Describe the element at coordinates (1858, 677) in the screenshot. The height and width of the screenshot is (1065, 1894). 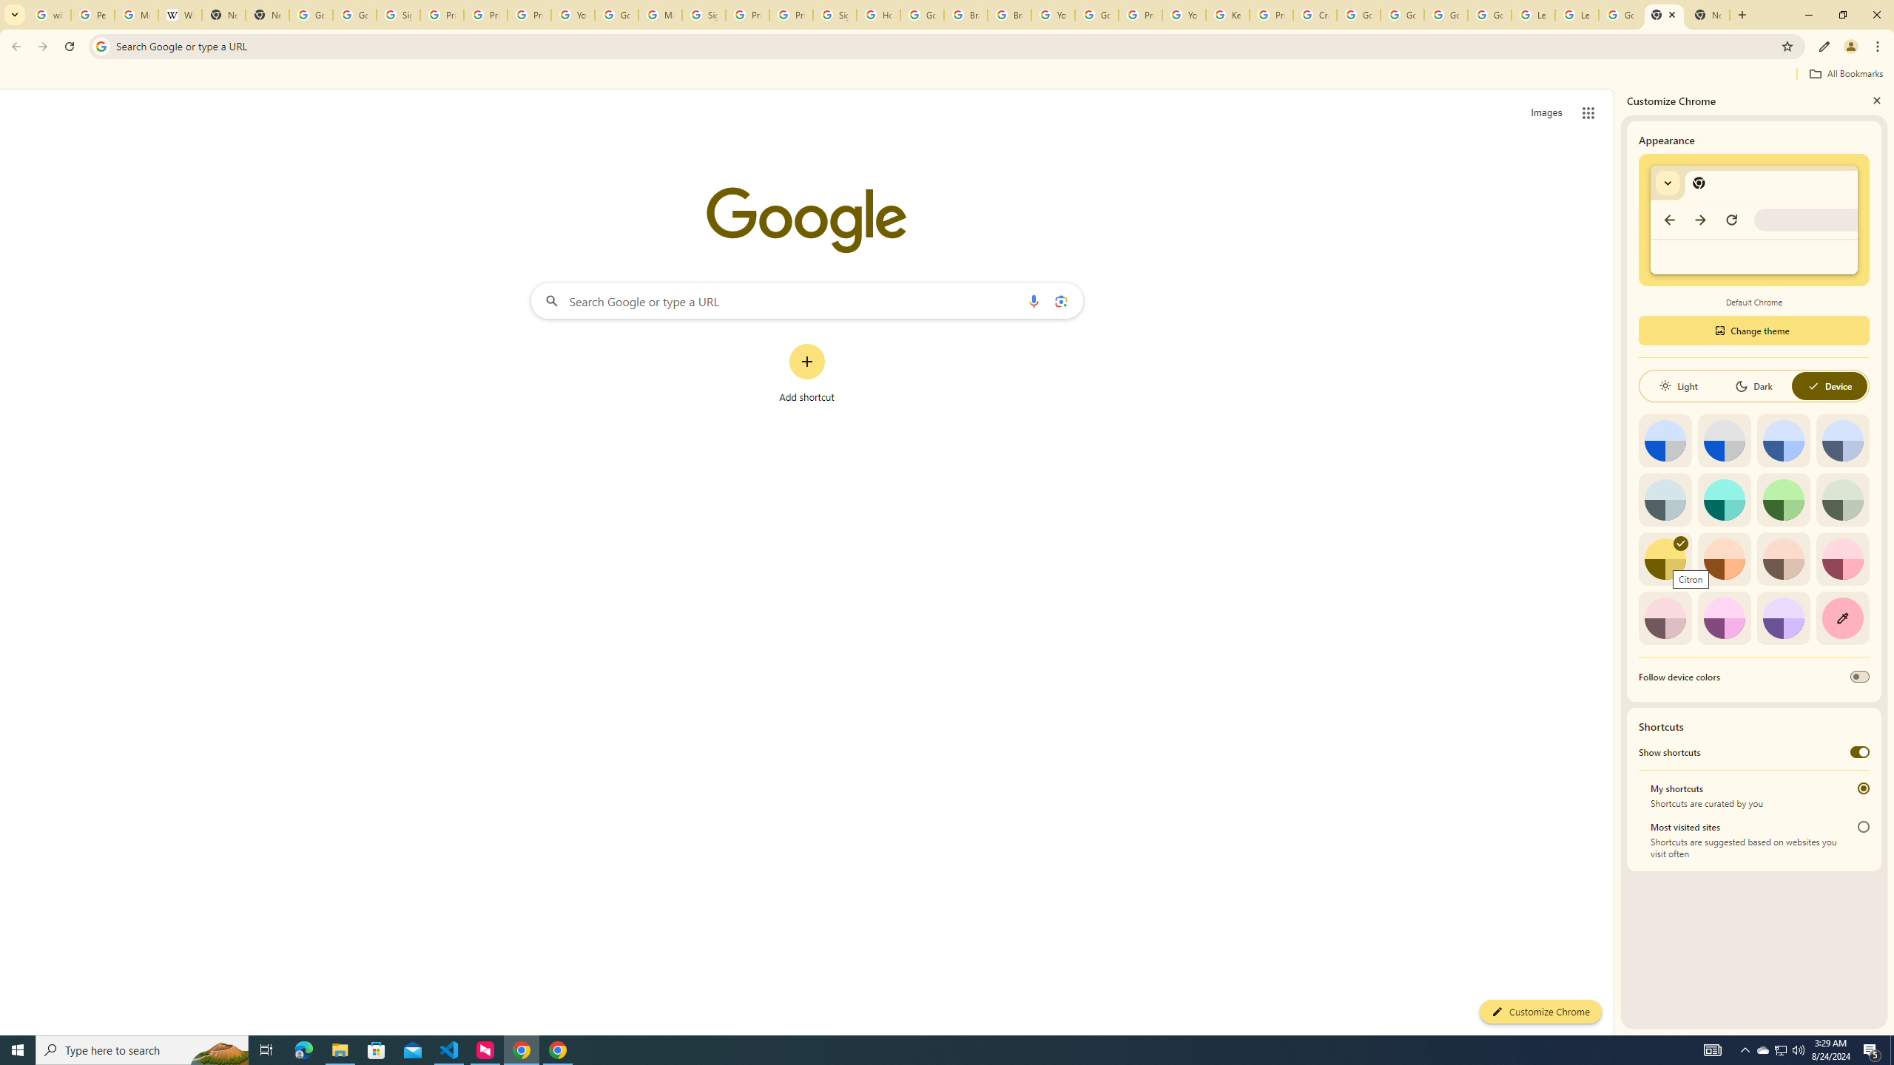
I see `'Follow device colors'` at that location.